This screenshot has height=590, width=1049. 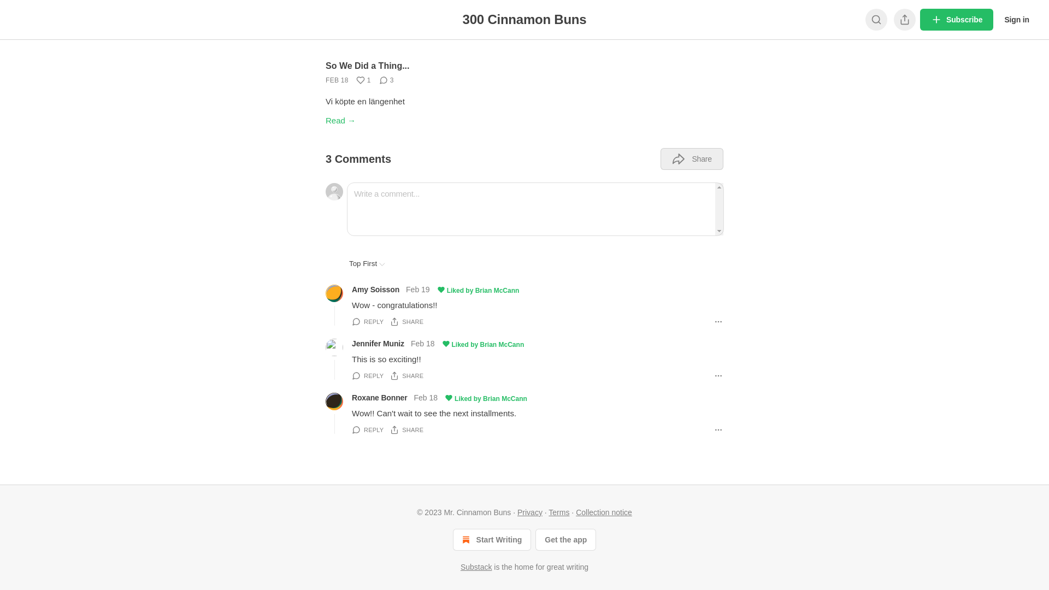 What do you see at coordinates (367, 321) in the screenshot?
I see `'REPLY'` at bounding box center [367, 321].